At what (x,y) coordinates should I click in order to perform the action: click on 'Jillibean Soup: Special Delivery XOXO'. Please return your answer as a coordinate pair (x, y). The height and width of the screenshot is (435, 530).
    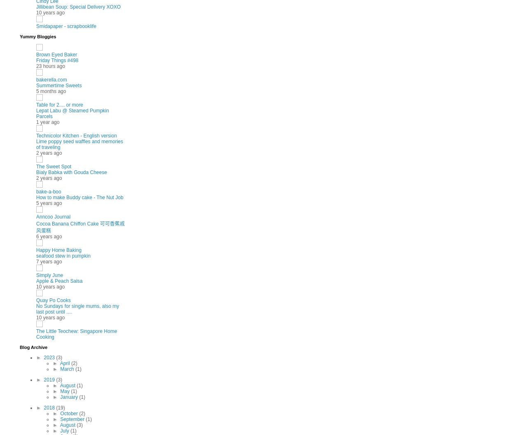
    Looking at the image, I should click on (78, 6).